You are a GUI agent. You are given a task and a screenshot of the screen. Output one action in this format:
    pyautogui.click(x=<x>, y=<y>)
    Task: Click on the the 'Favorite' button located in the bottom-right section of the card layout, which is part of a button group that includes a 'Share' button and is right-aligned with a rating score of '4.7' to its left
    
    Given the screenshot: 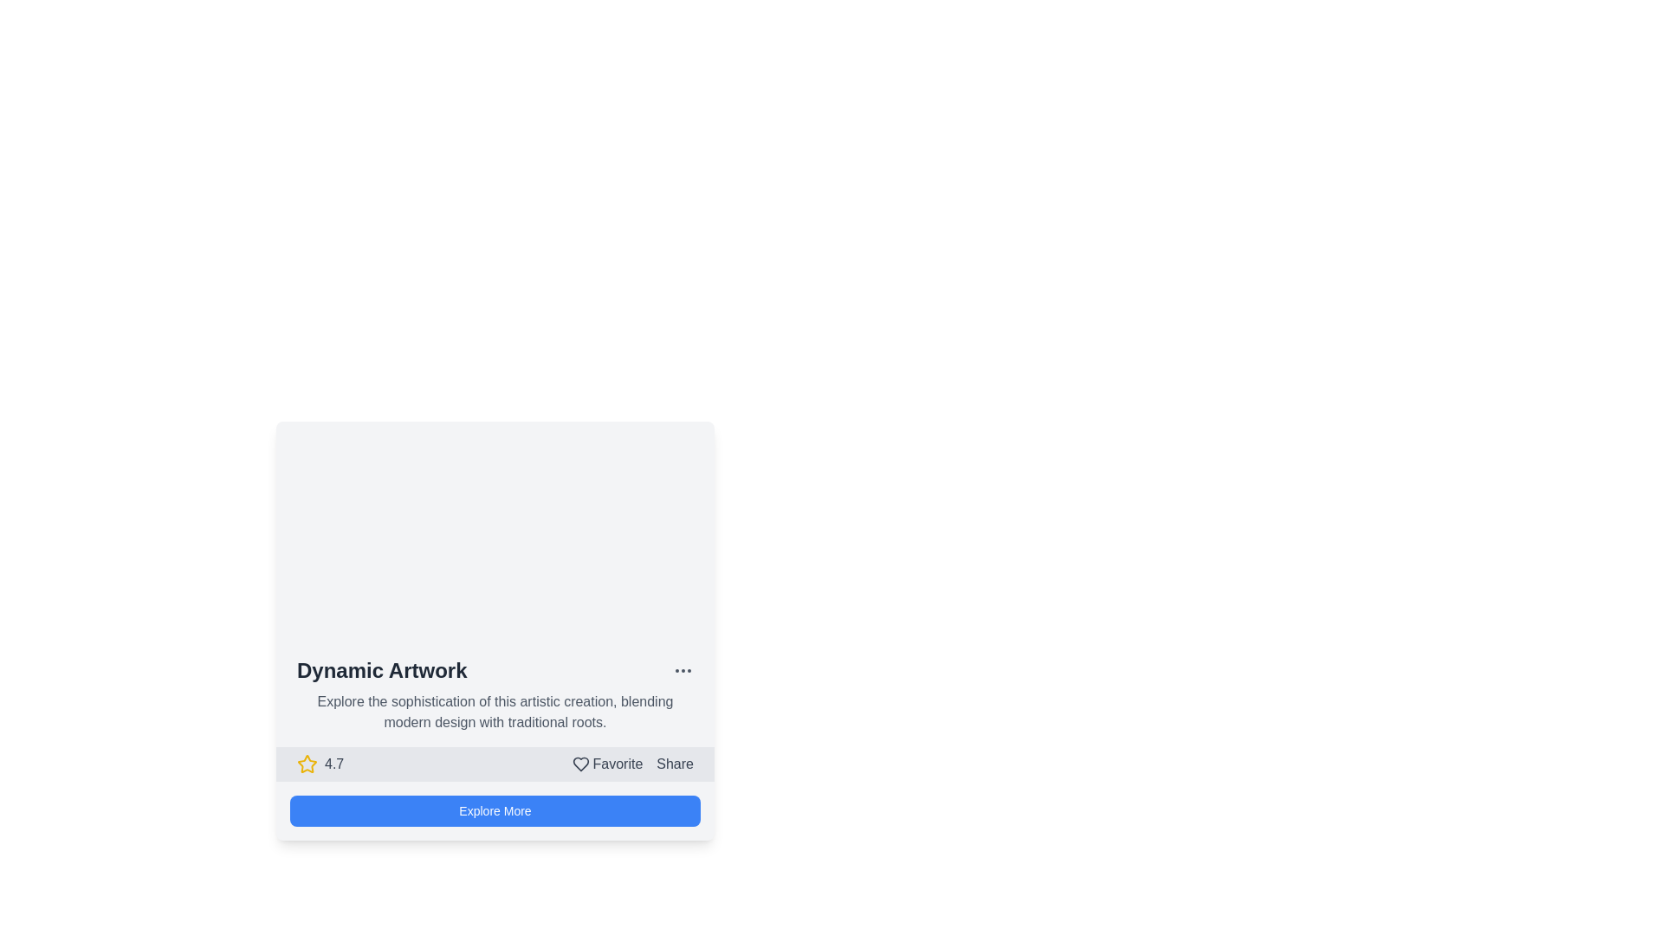 What is the action you would take?
    pyautogui.click(x=631, y=764)
    